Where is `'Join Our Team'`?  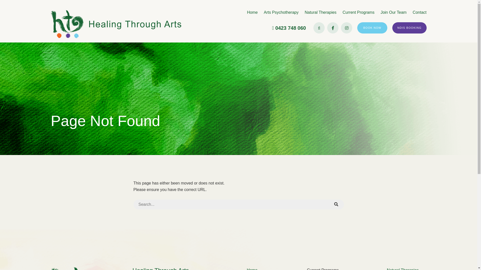 'Join Our Team' is located at coordinates (393, 12).